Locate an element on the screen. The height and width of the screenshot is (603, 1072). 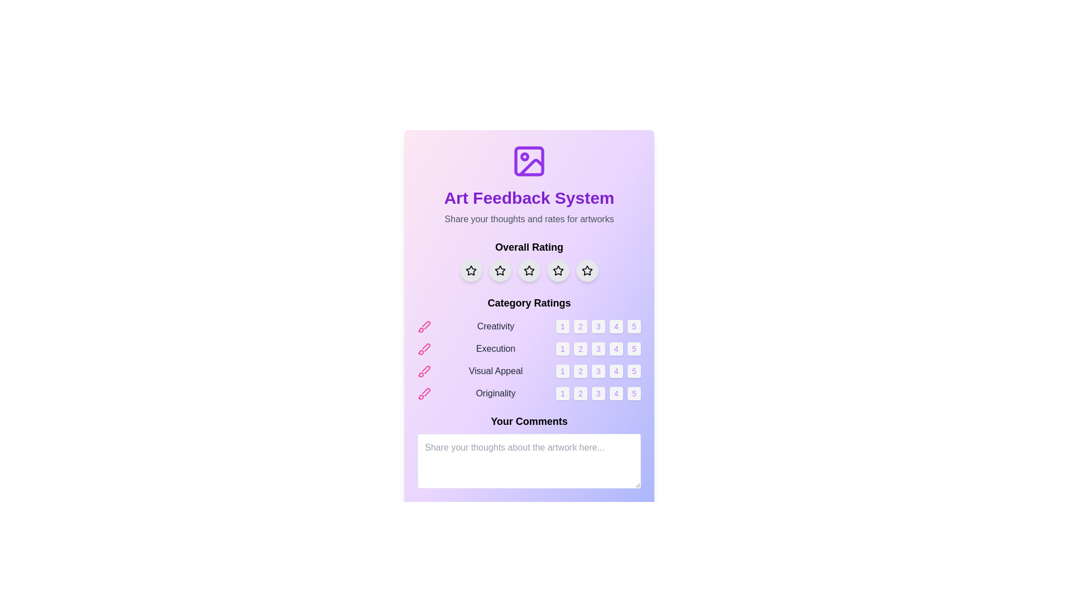
category descriptions from the 'Category Ratings' section, which includes 'Creativity', 'Execution', 'Visual Appeal', and 'Originality' is located at coordinates (529, 347).